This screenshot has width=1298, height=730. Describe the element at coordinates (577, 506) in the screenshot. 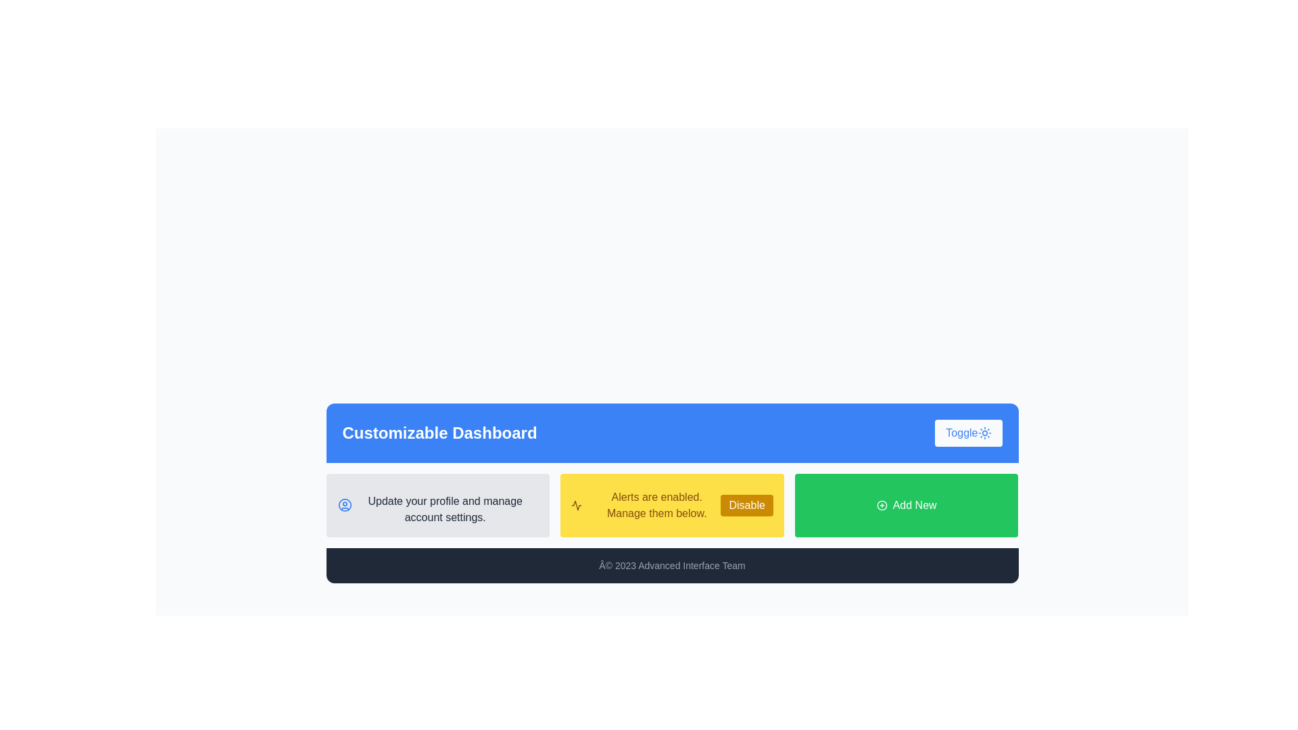

I see `the icon with a yellow background located to the left of the text 'Alerts are enabled. Manage them below.'` at that location.